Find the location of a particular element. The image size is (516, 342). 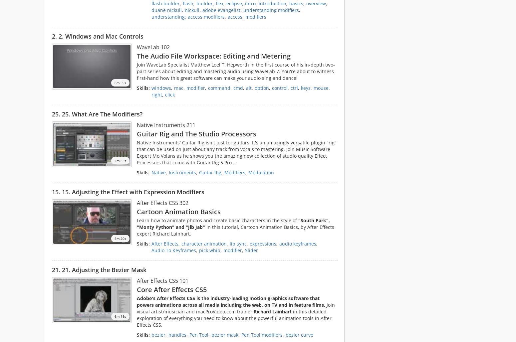

'click' is located at coordinates (169, 94).